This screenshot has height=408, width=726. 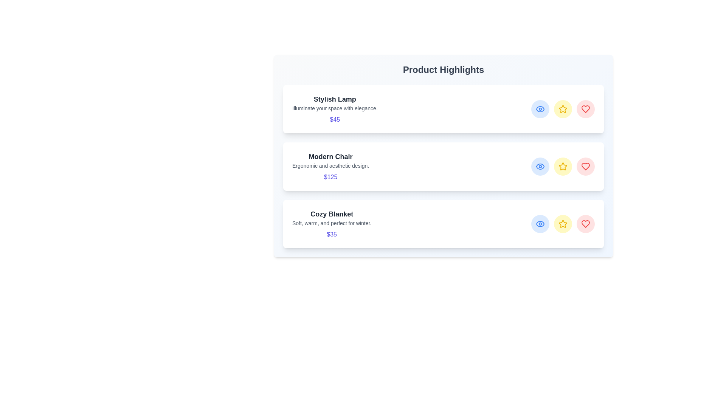 What do you see at coordinates (540, 109) in the screenshot?
I see `eye icon for the product Stylish Lamp` at bounding box center [540, 109].